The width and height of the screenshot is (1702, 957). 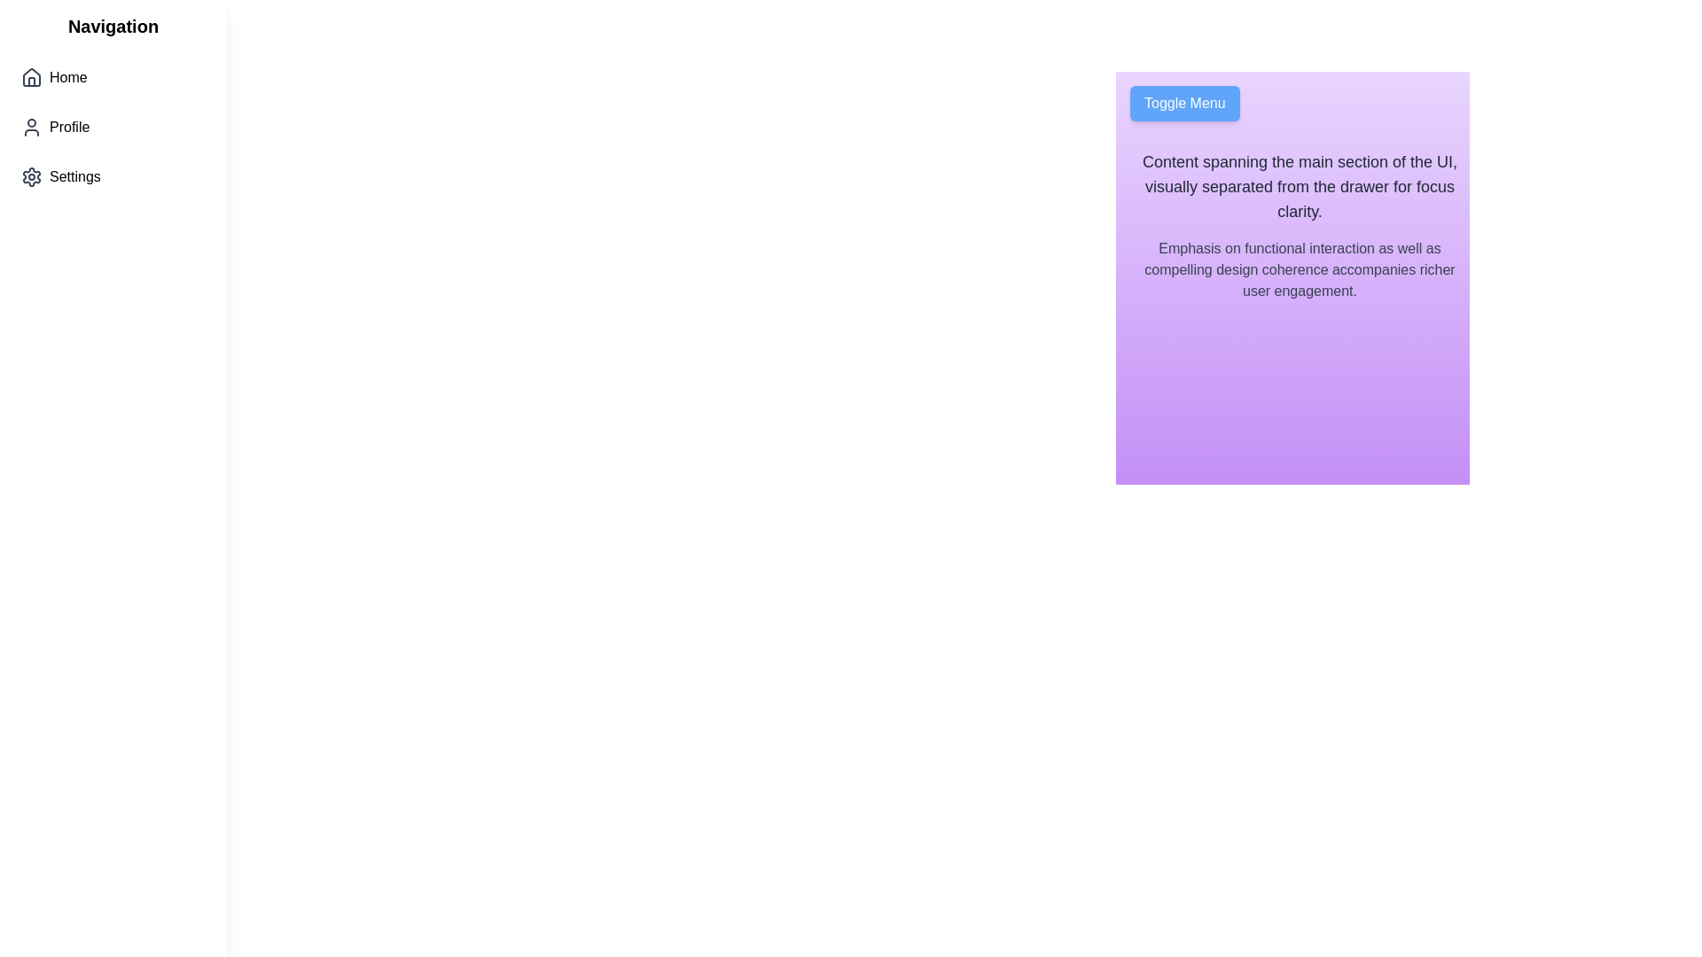 I want to click on 'Home' icon located in the left navigation menu, which is positioned to the left of the 'Home' label, so click(x=31, y=77).